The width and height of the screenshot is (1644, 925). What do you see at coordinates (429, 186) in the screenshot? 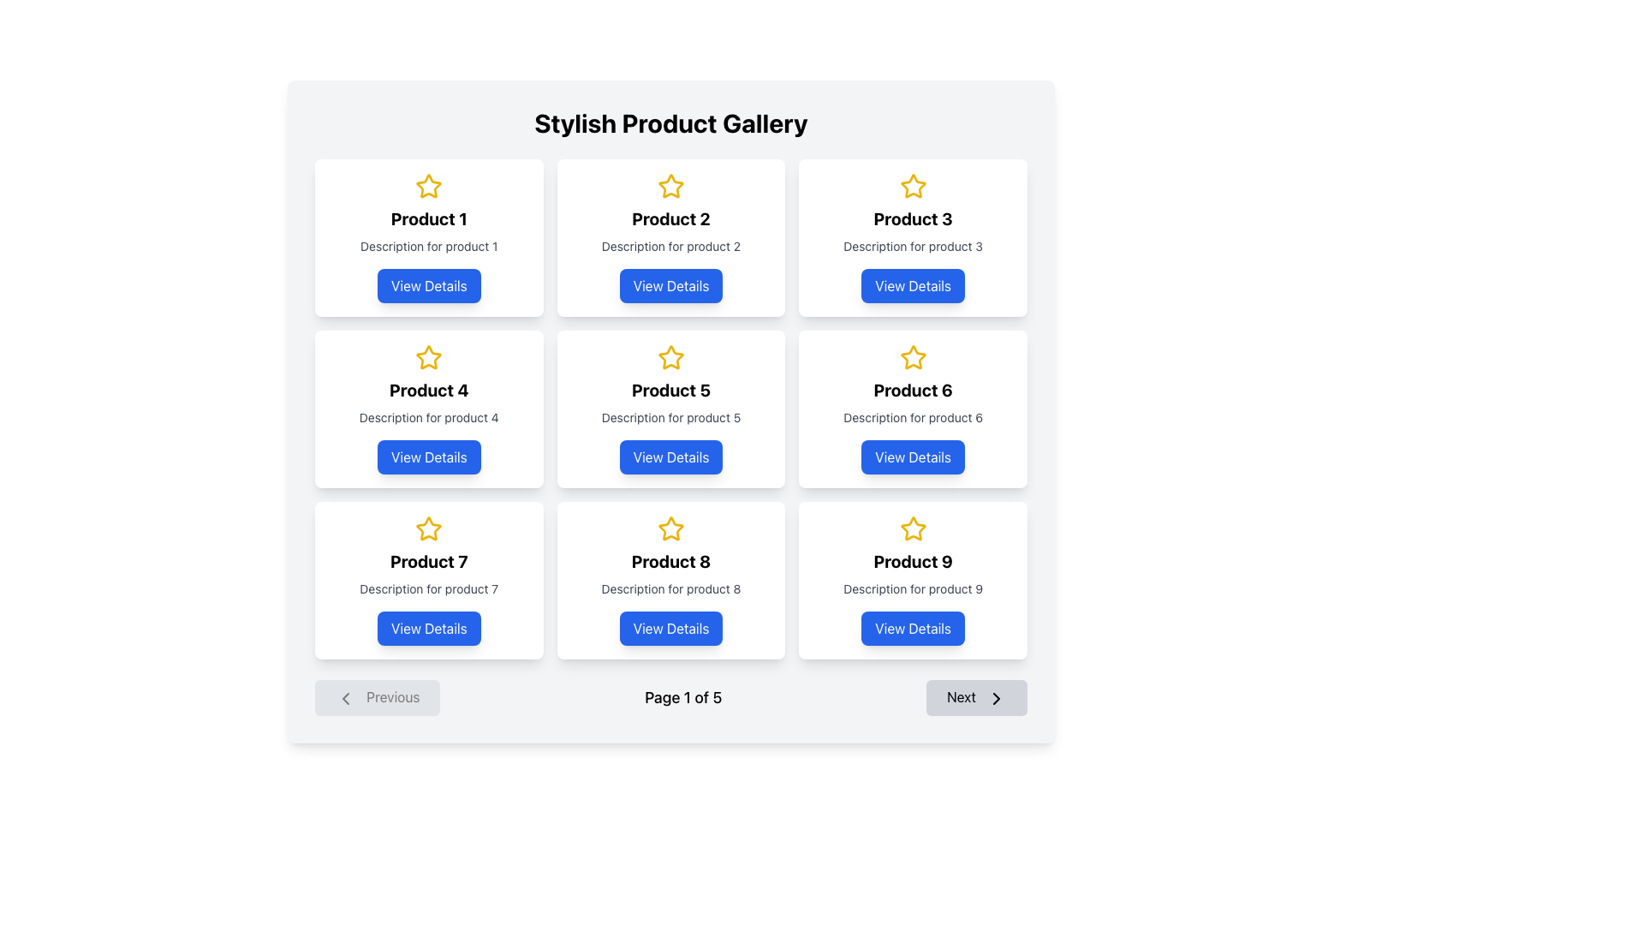
I see `the first star icon in the grid layout, located in the top-left corner above the text 'Product 1' within the first item card` at bounding box center [429, 186].